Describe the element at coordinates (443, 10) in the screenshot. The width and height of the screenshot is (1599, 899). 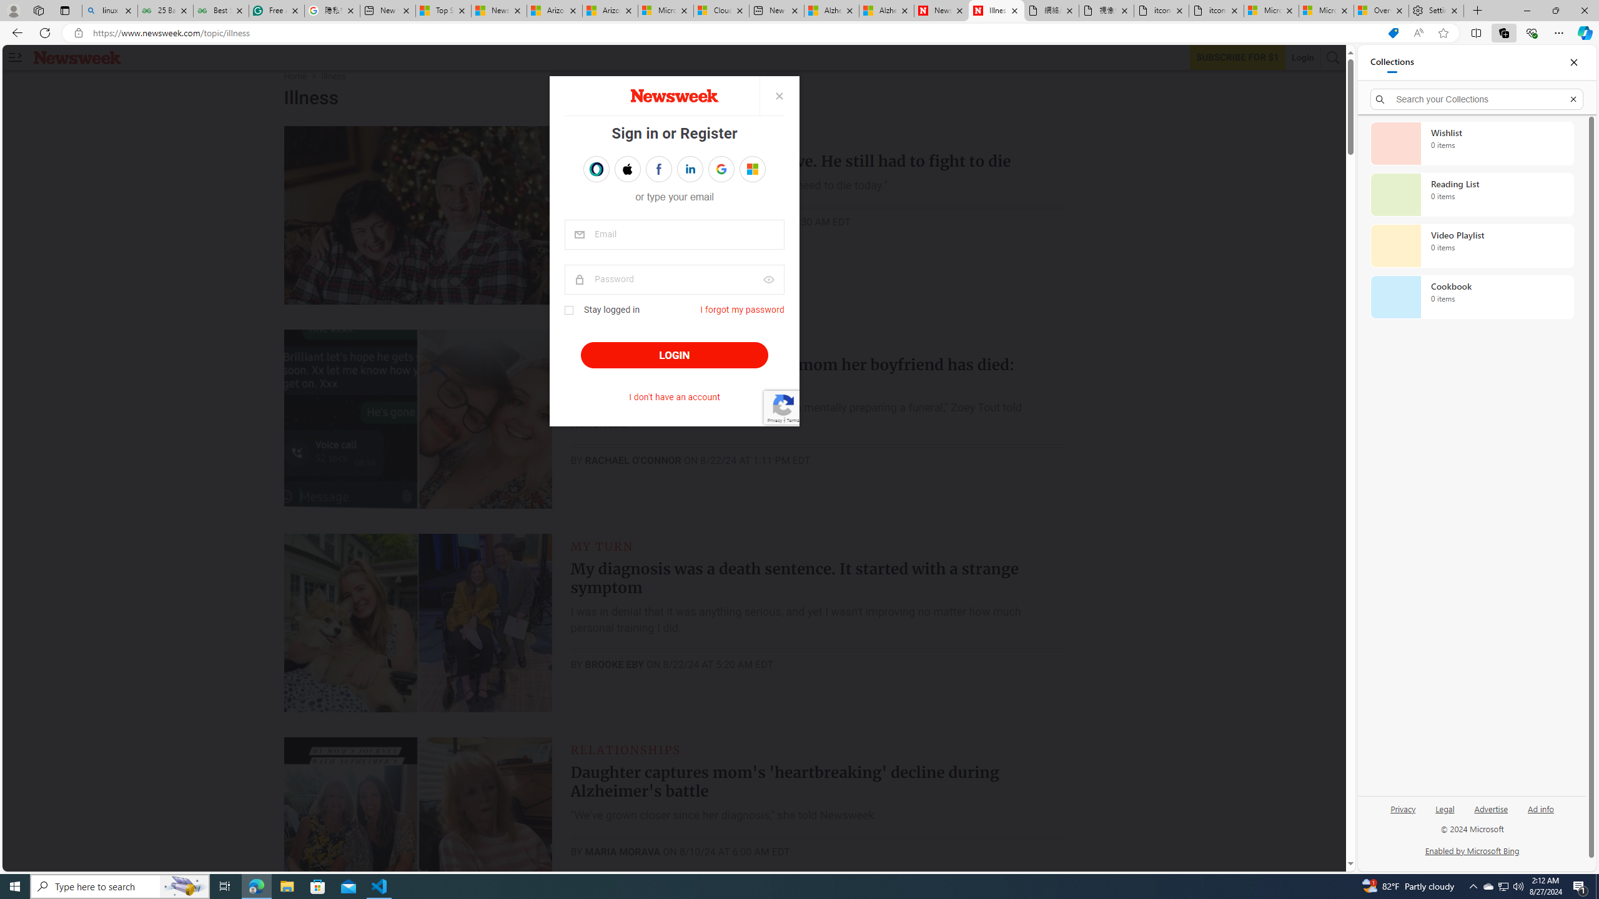
I see `'Top Stories - MSN'` at that location.